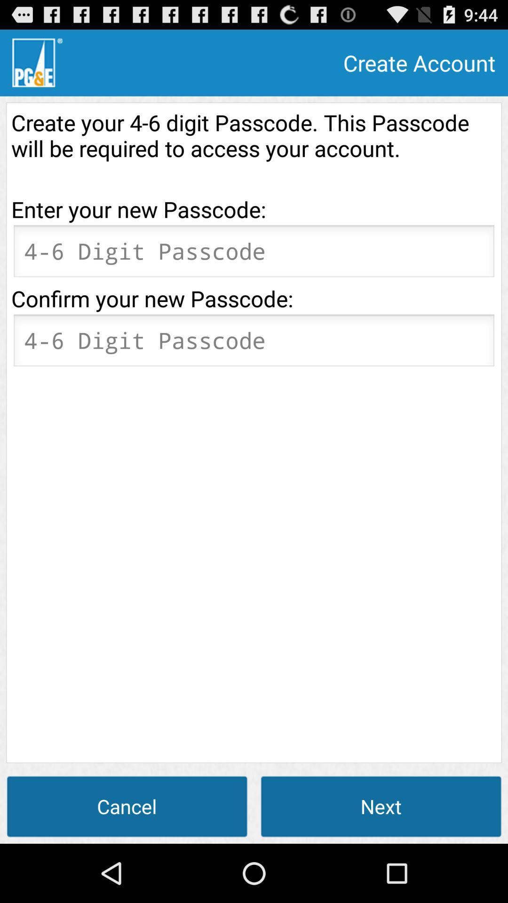 The width and height of the screenshot is (508, 903). I want to click on the next at the bottom right corner, so click(381, 806).